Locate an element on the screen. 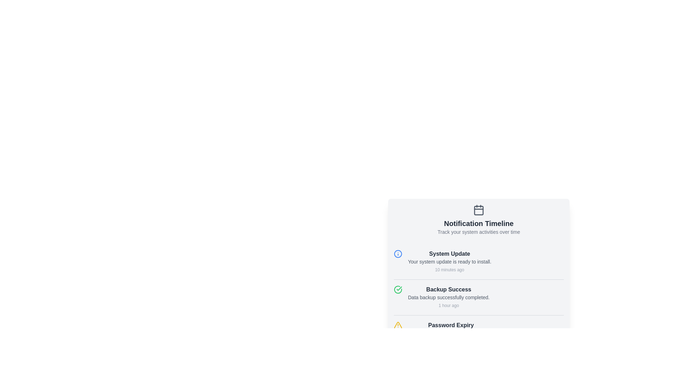 Image resolution: width=680 pixels, height=382 pixels. the static text element displaying 'Backup Success' which is styled in bold and dark gray, located at the top of the second notification entry in the notification list is located at coordinates (448, 289).